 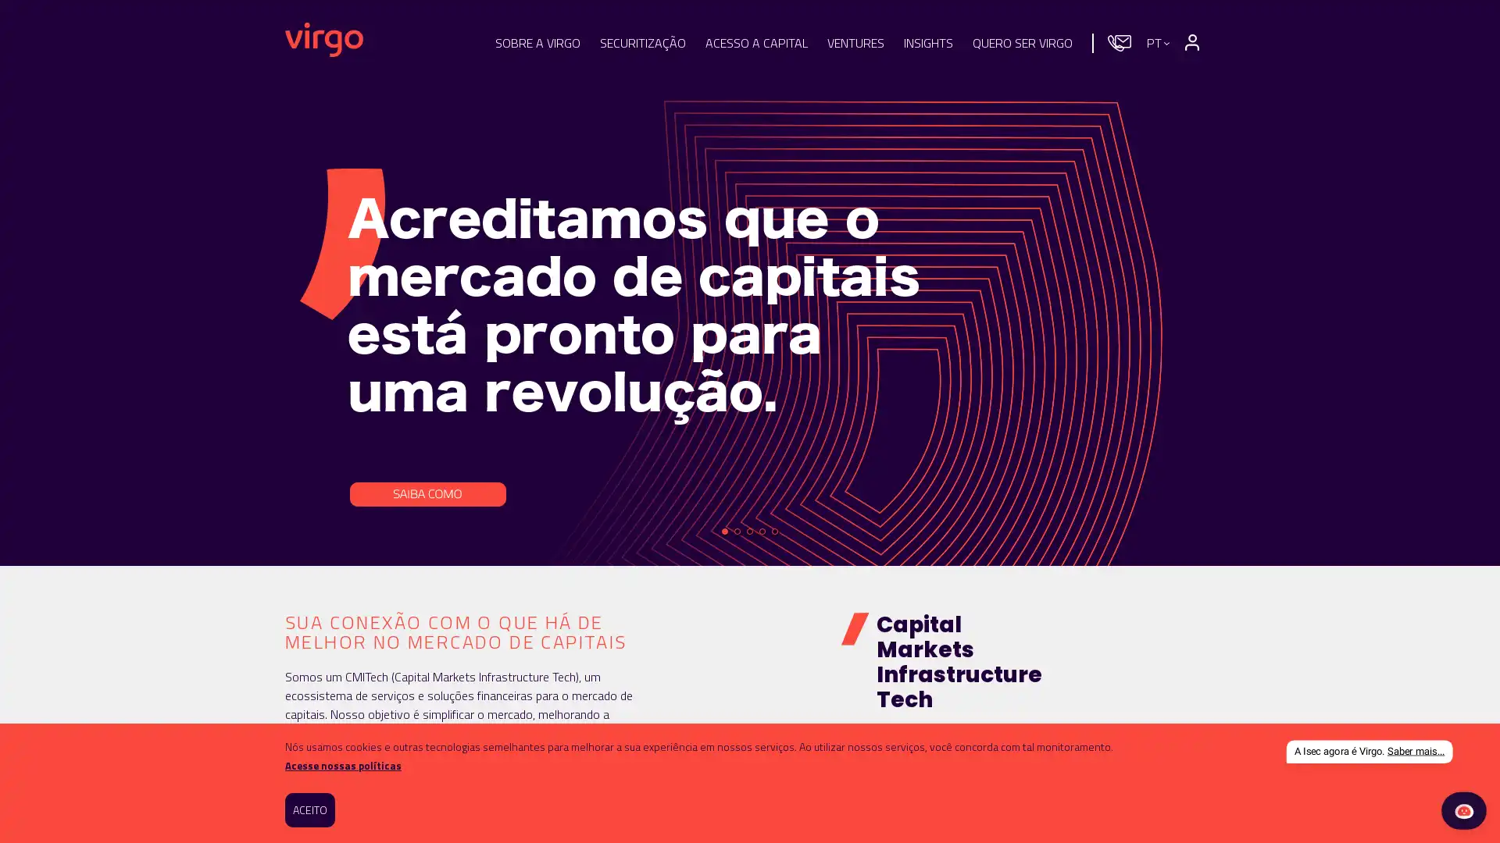 I want to click on Go to slide 3, so click(x=750, y=531).